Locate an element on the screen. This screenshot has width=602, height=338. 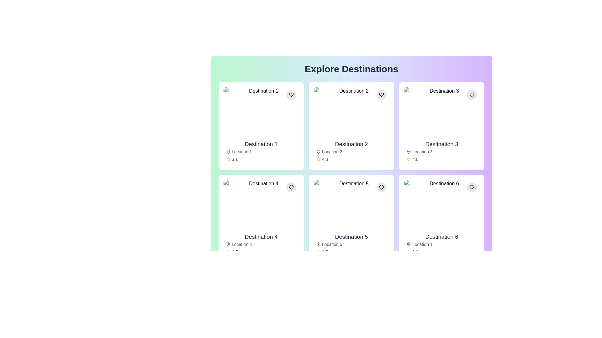
the text label that serves as the title for 'Destination 5', located below an image and above 'Location 5' and its rating in the second row, second column of the grid is located at coordinates (351, 237).